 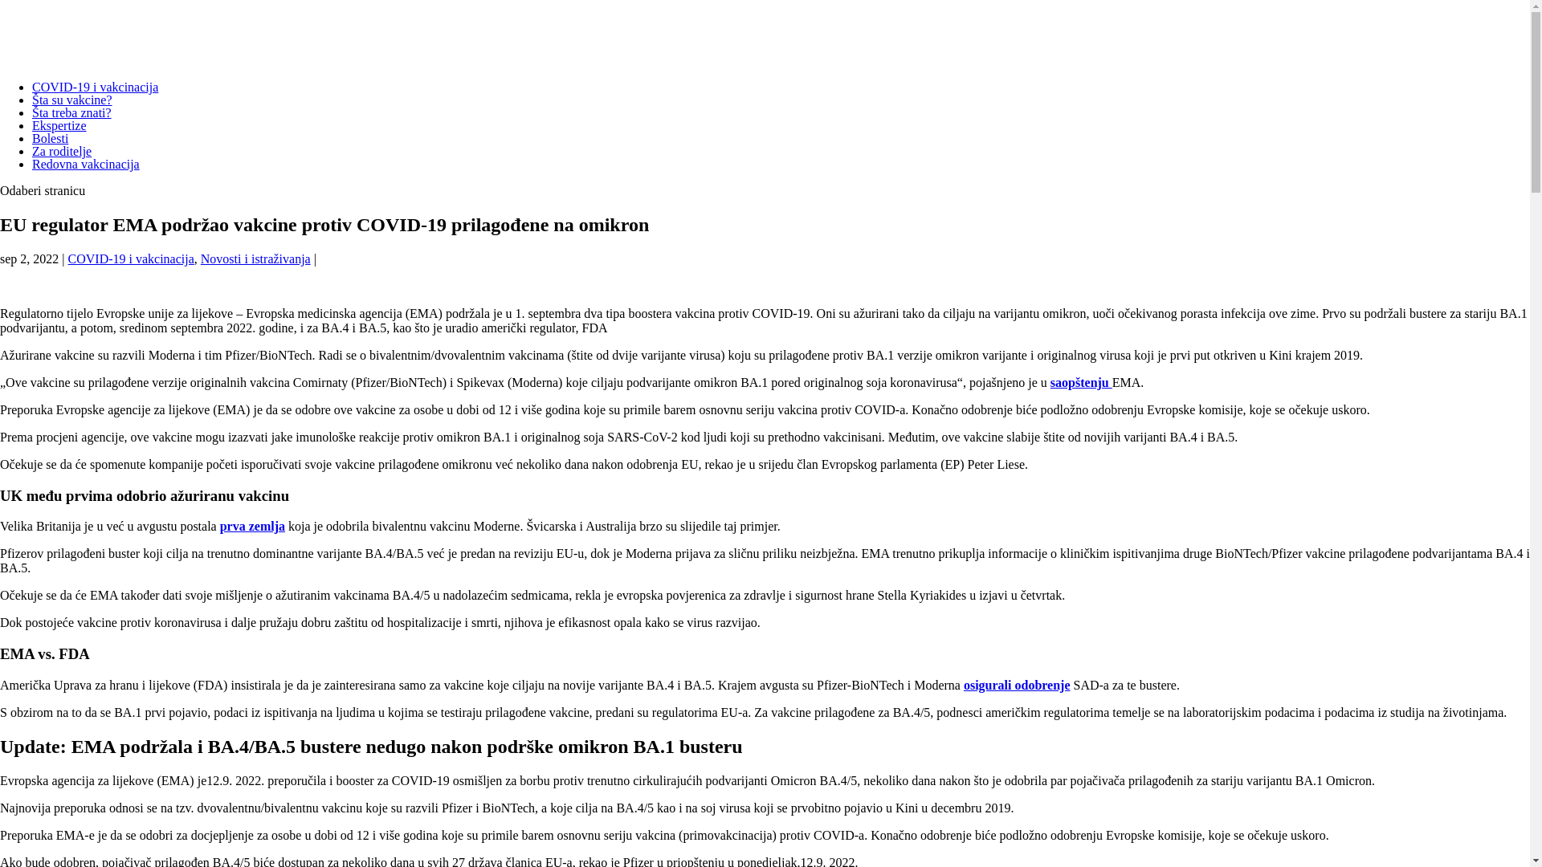 What do you see at coordinates (84, 164) in the screenshot?
I see `'Redovna vakcinacija'` at bounding box center [84, 164].